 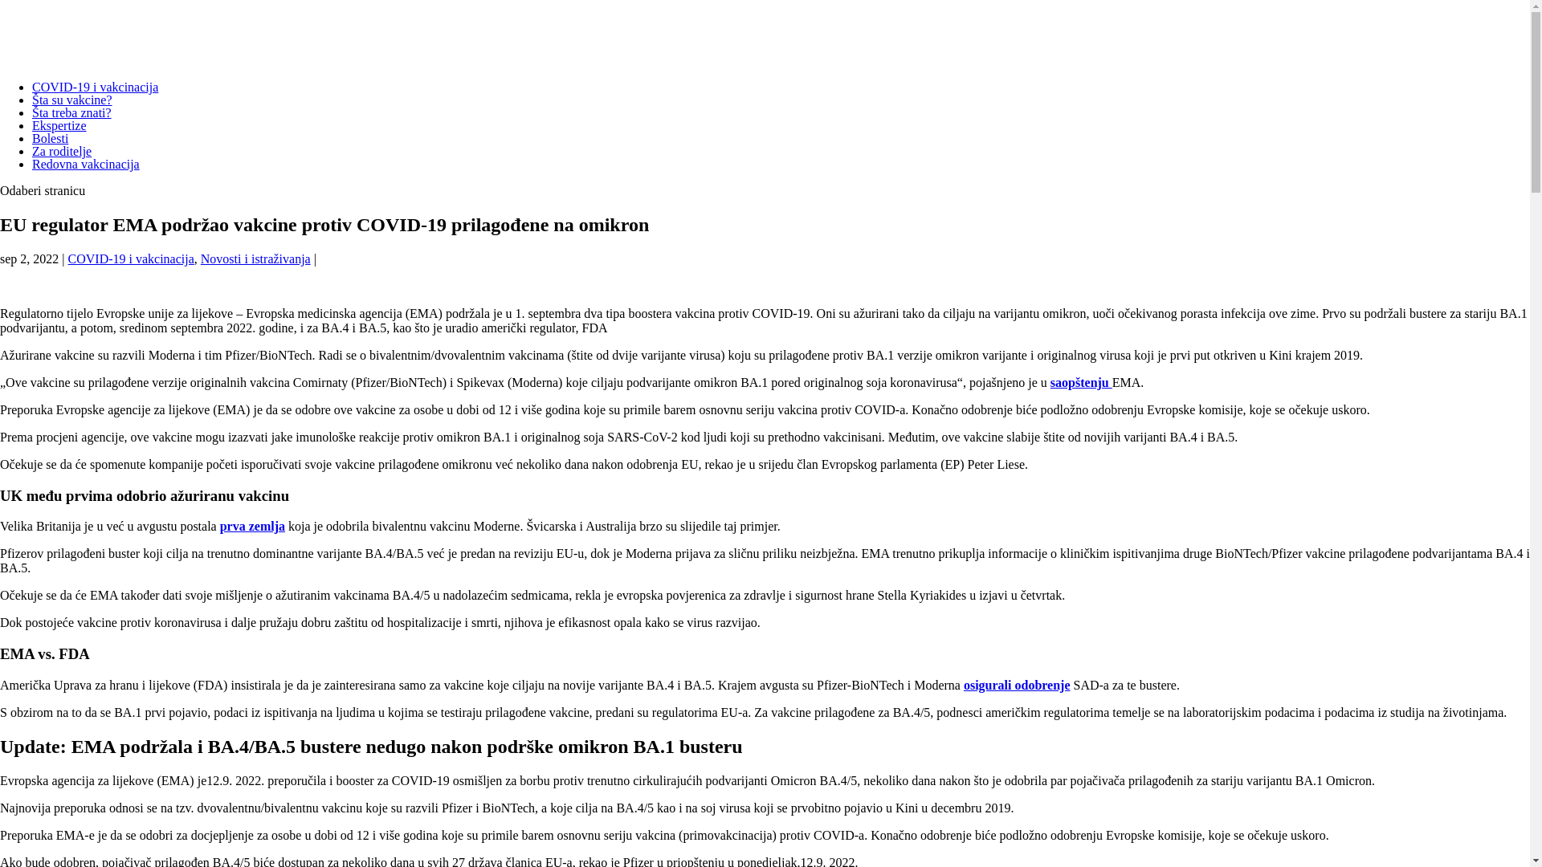 What do you see at coordinates (84, 164) in the screenshot?
I see `'Redovna vakcinacija'` at bounding box center [84, 164].